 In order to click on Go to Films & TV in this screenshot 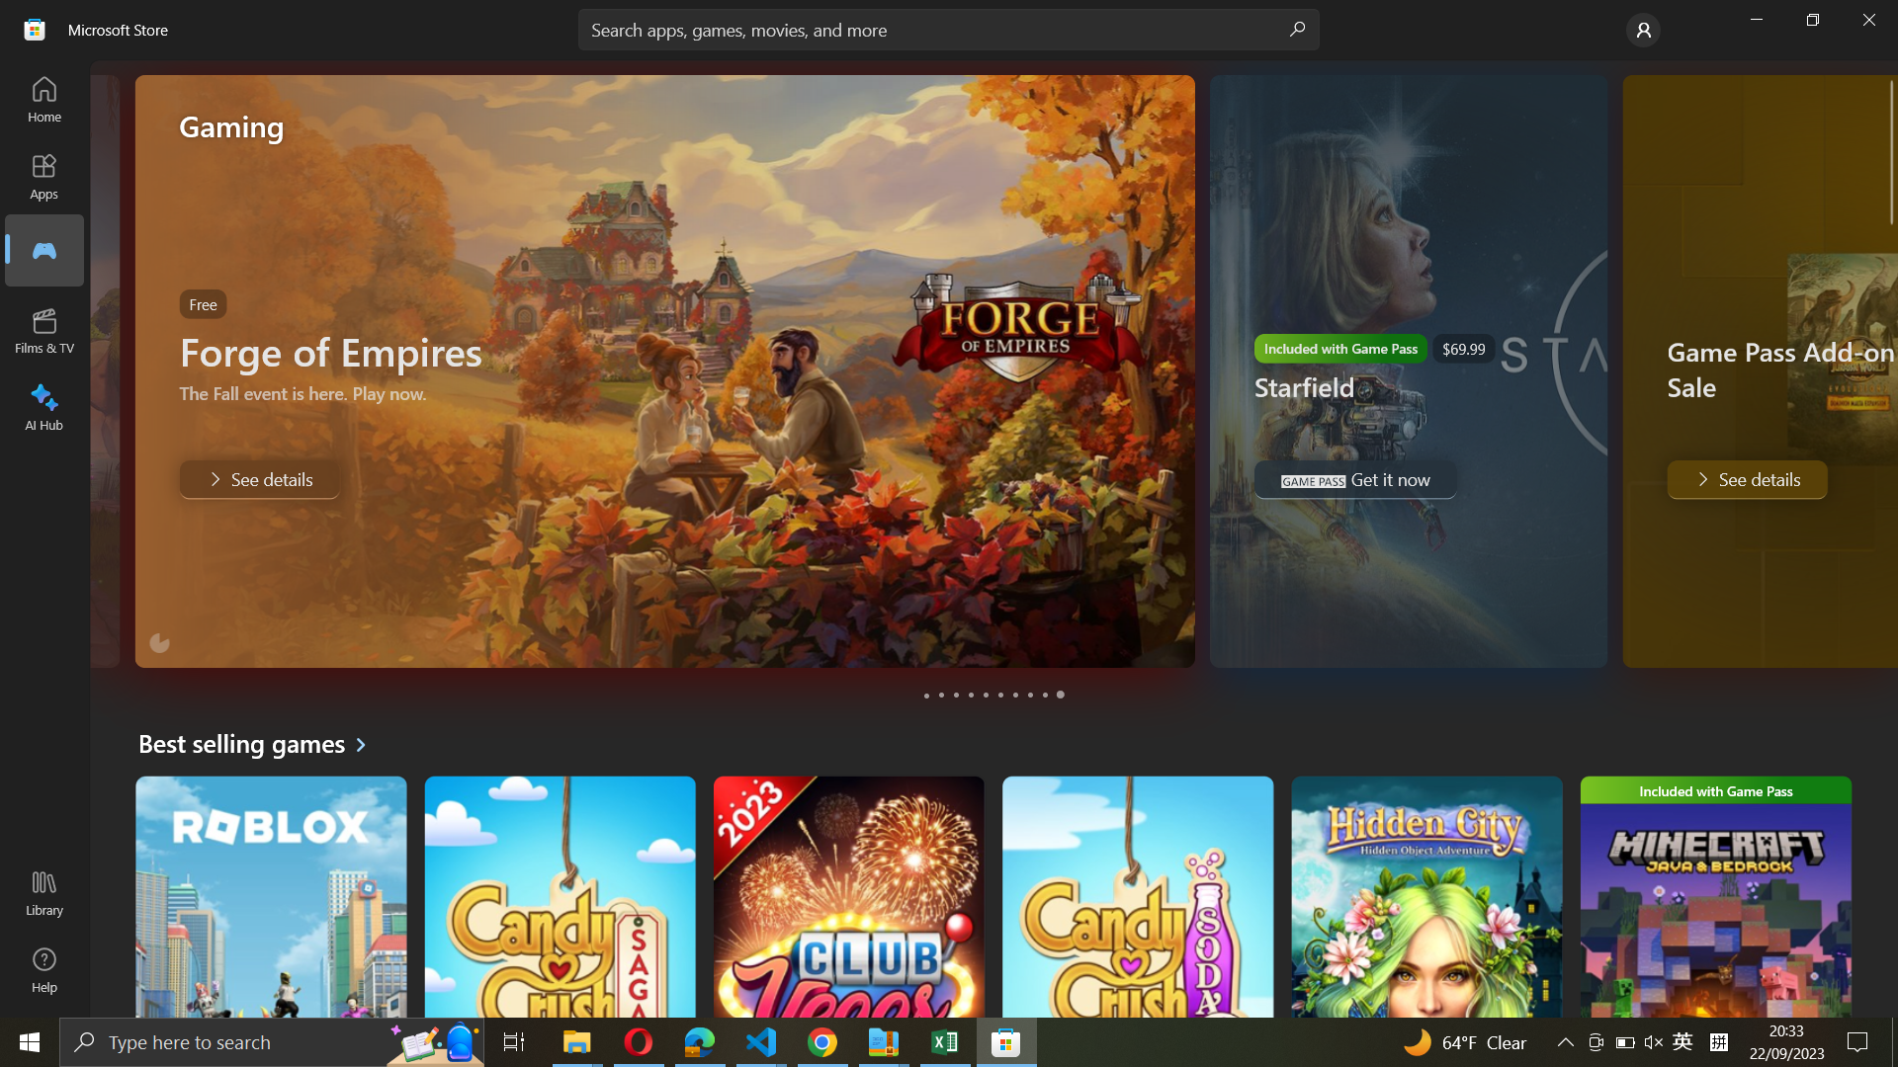, I will do `click(43, 249)`.